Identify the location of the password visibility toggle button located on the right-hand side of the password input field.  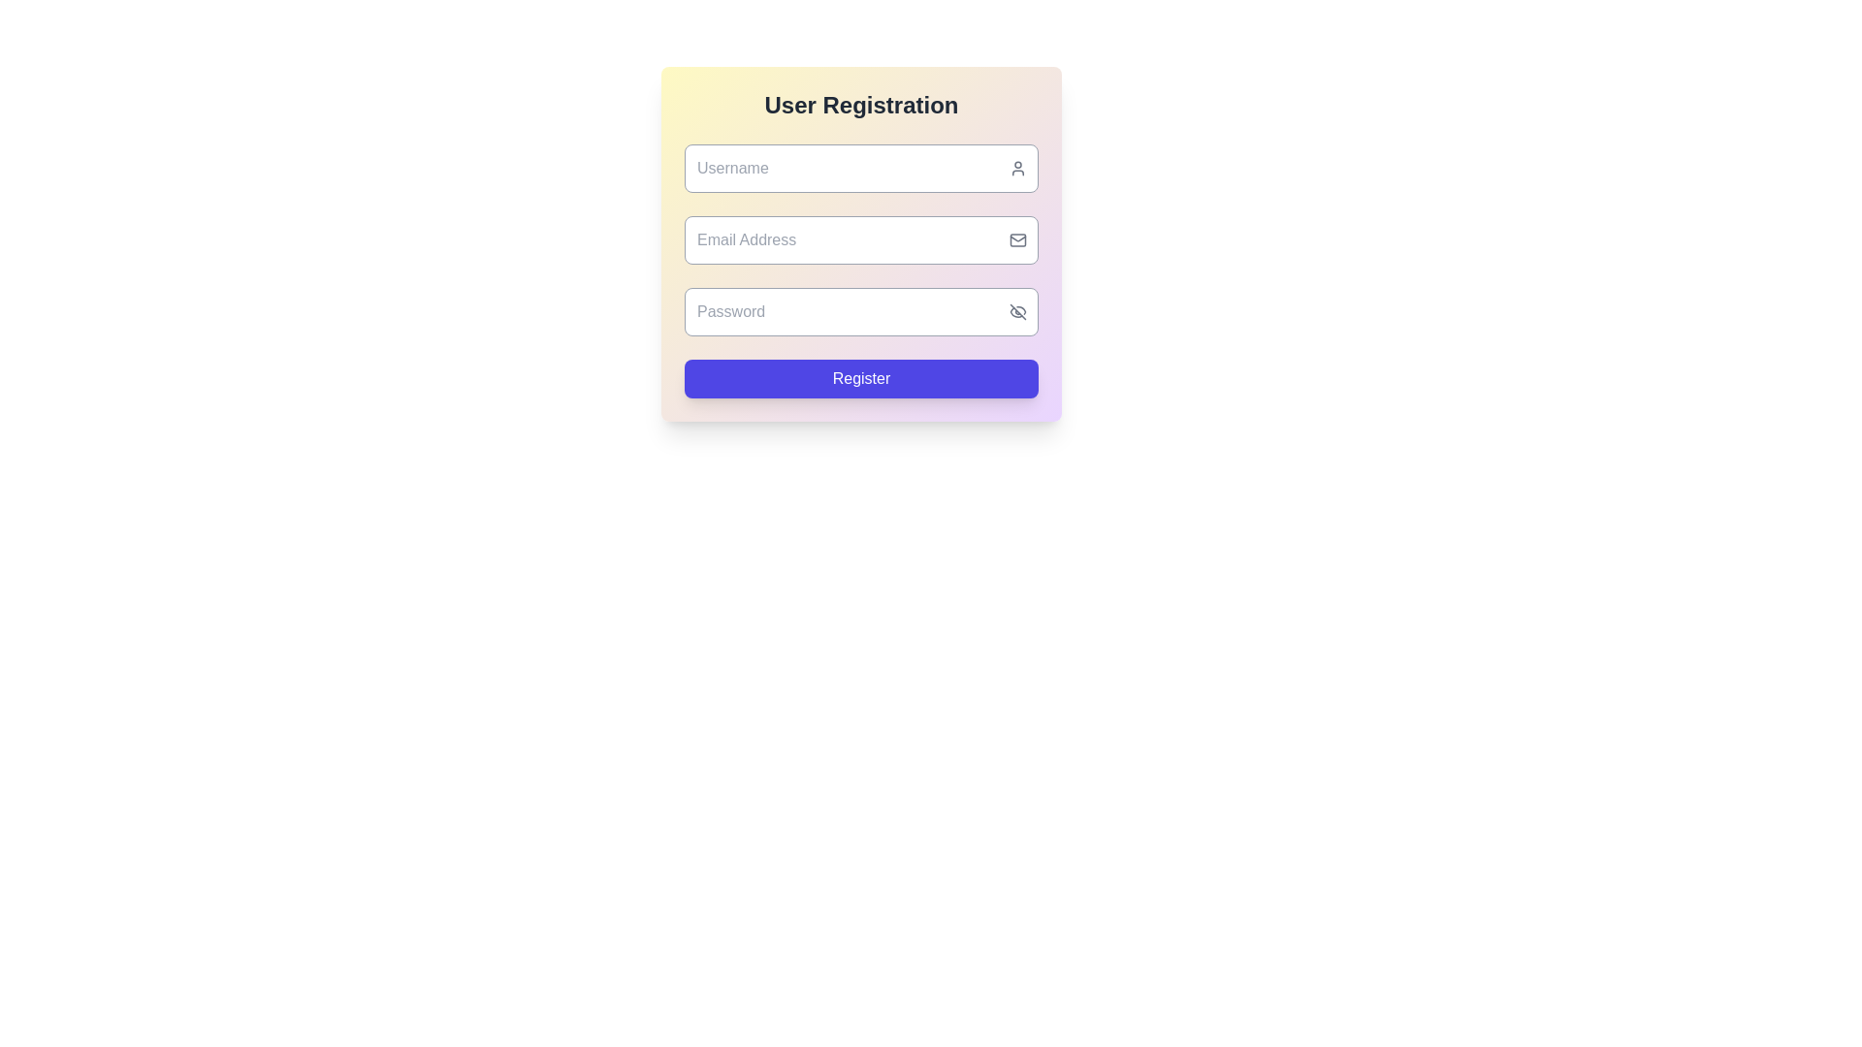
(1017, 310).